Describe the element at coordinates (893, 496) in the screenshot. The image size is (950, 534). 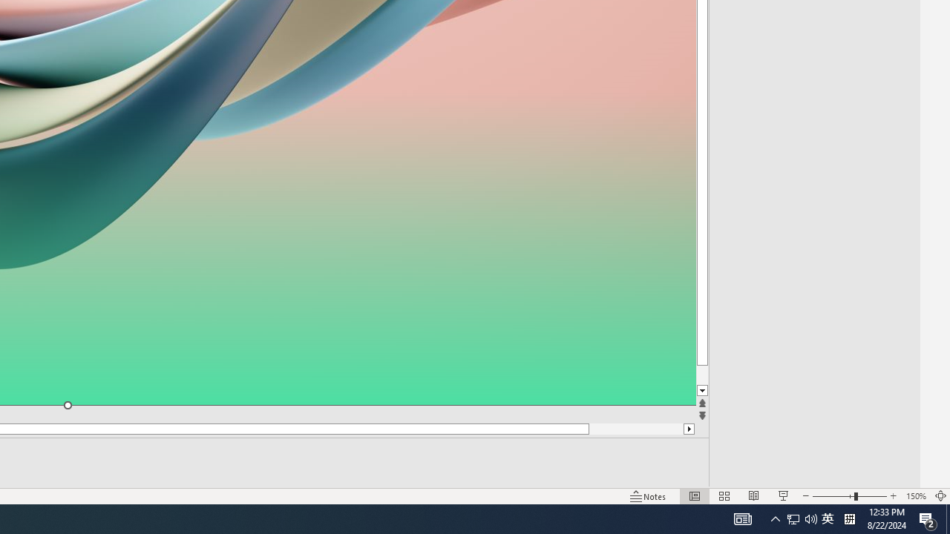
I see `'Zoom In'` at that location.